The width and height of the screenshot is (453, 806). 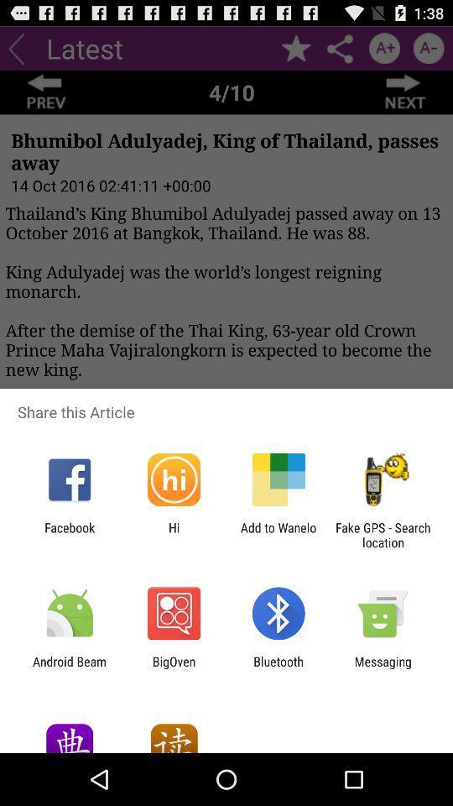 I want to click on the icon next to the hi app, so click(x=69, y=534).